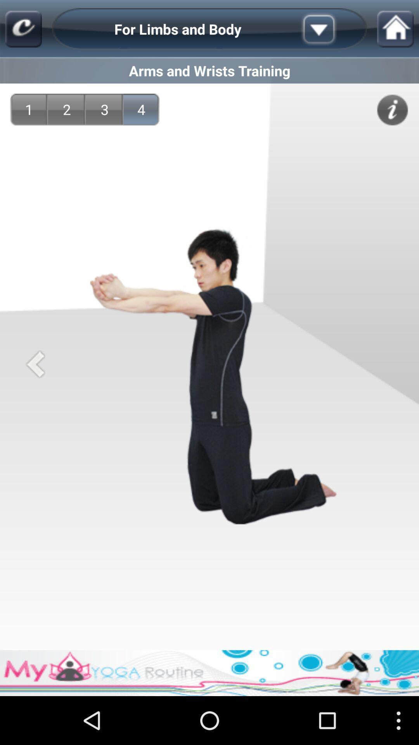  What do you see at coordinates (392, 109) in the screenshot?
I see `get more information` at bounding box center [392, 109].